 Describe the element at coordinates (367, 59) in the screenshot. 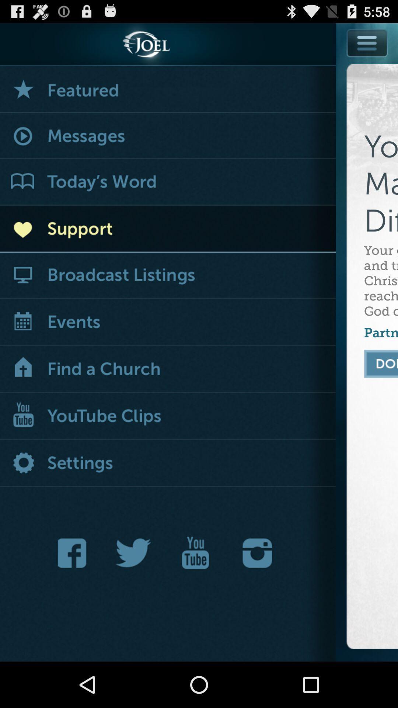

I see `menu` at that location.